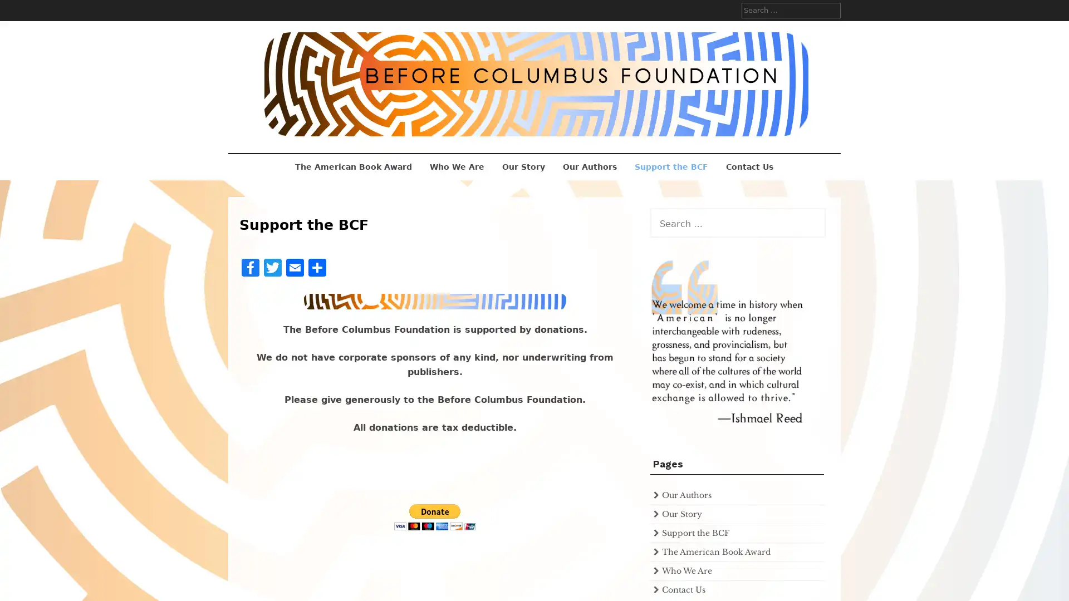 This screenshot has width=1069, height=601. I want to click on Donate with PayPal button, so click(434, 517).